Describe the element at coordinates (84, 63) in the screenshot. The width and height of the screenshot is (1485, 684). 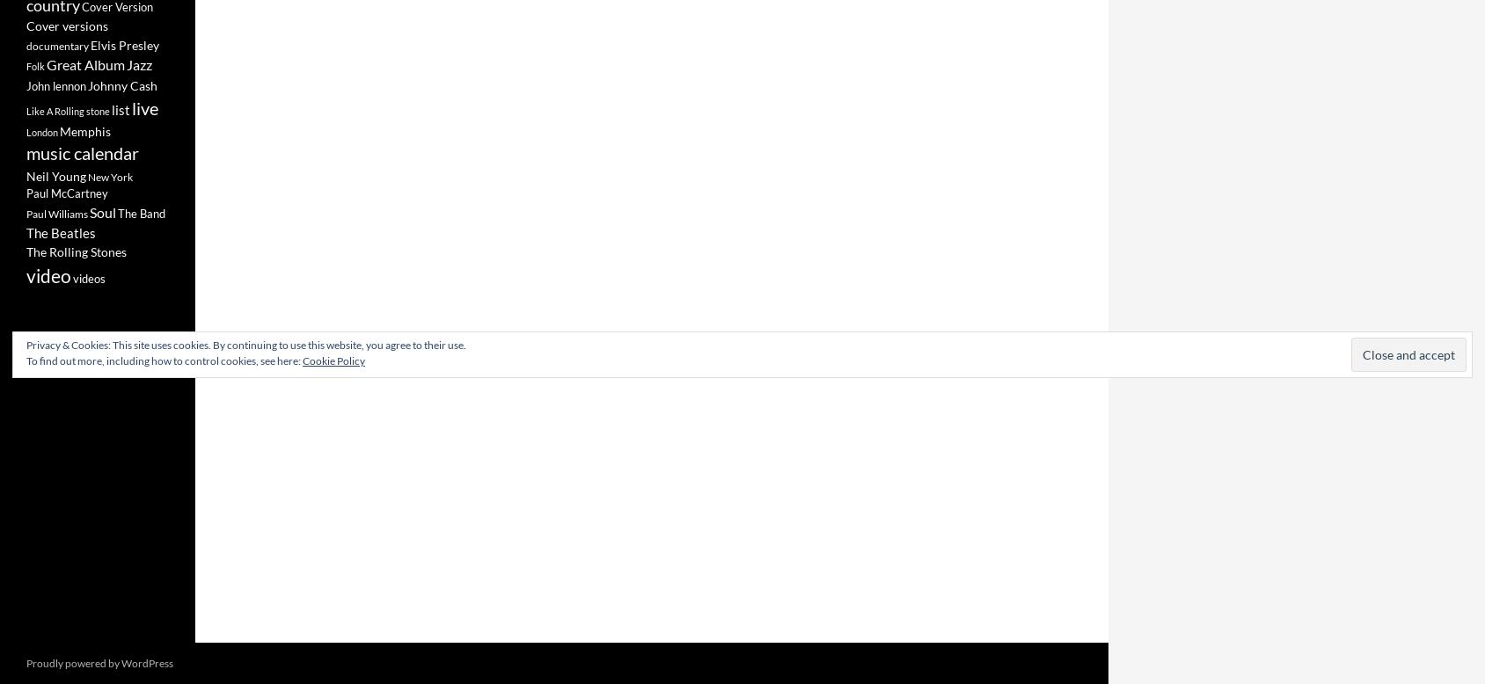
I see `'Great Album'` at that location.